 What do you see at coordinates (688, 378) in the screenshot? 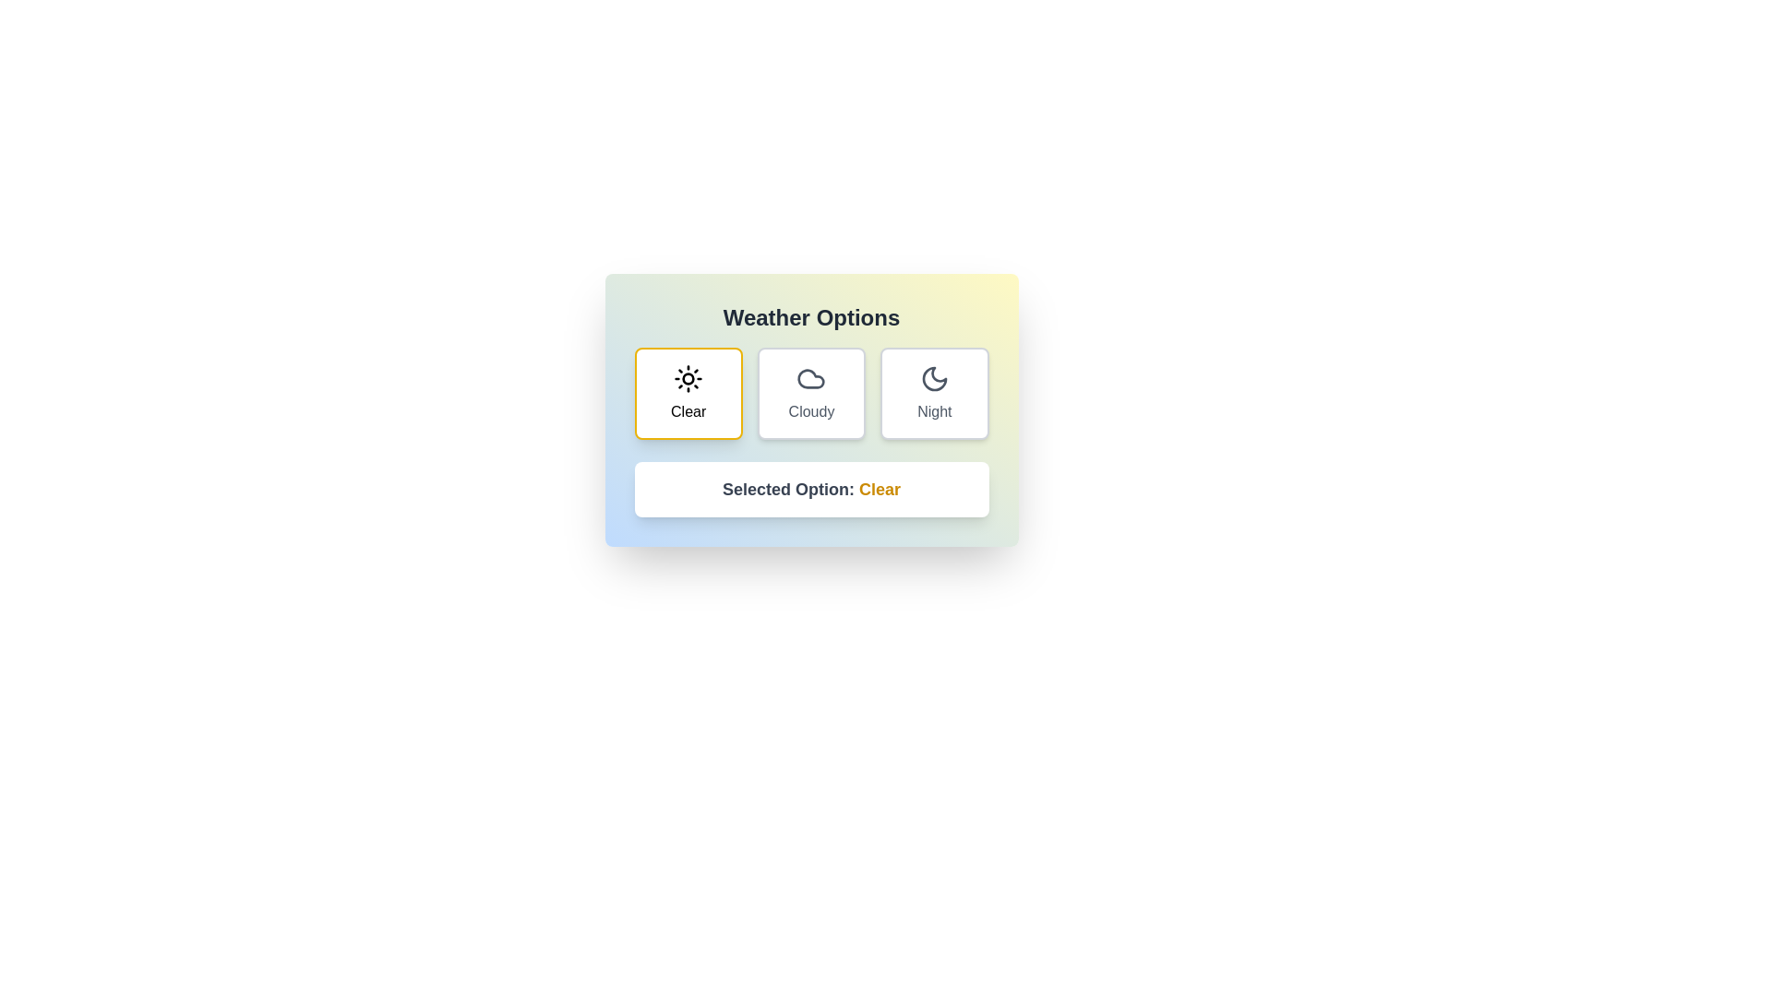
I see `the rounded rectangular button labeled 'Clear', which contains the sun icon` at bounding box center [688, 378].